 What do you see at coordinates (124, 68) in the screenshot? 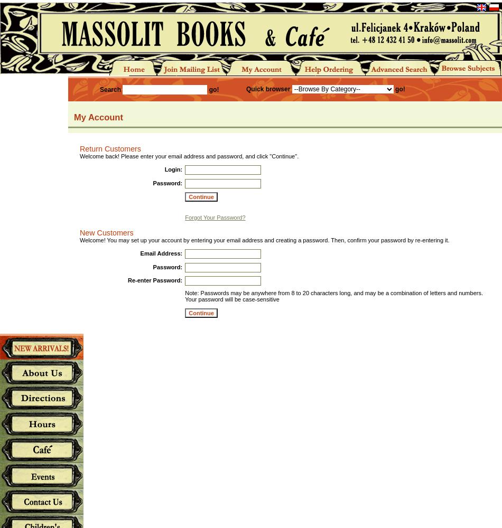
I see `'Home'` at bounding box center [124, 68].